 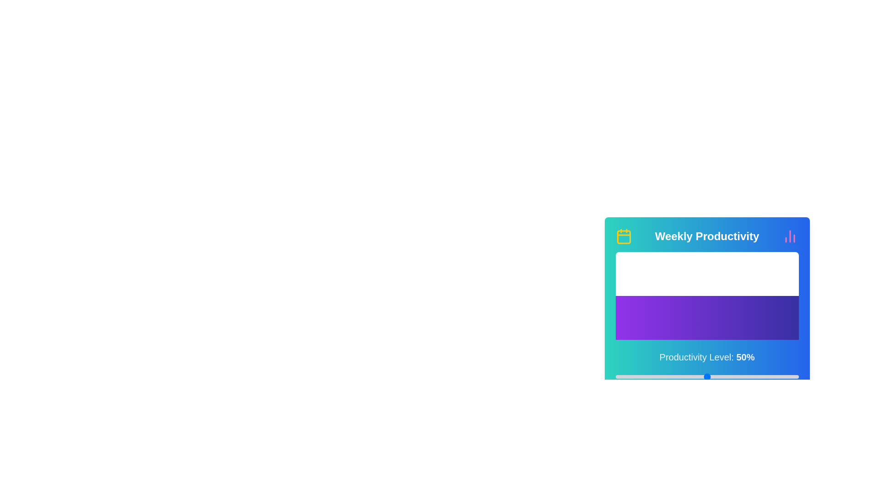 What do you see at coordinates (794, 377) in the screenshot?
I see `the productivity slider to 98%` at bounding box center [794, 377].